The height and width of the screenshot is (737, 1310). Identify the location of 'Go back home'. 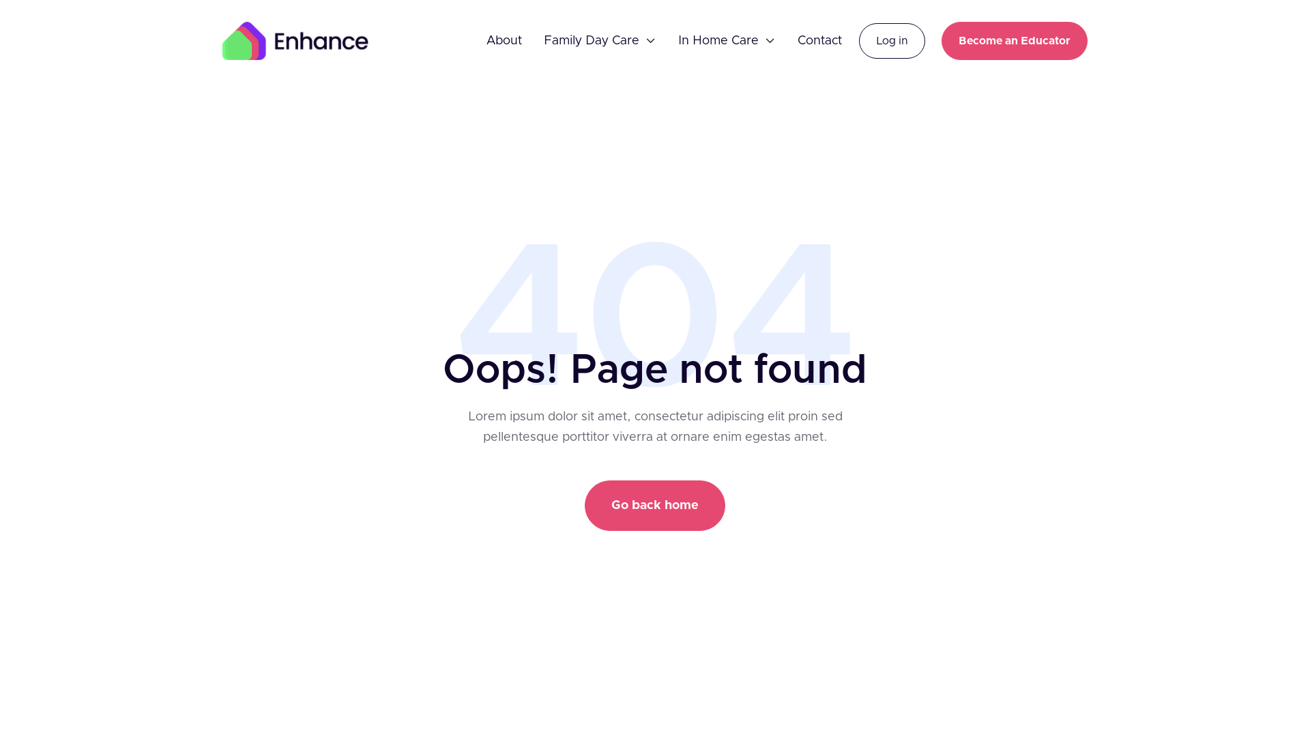
(585, 505).